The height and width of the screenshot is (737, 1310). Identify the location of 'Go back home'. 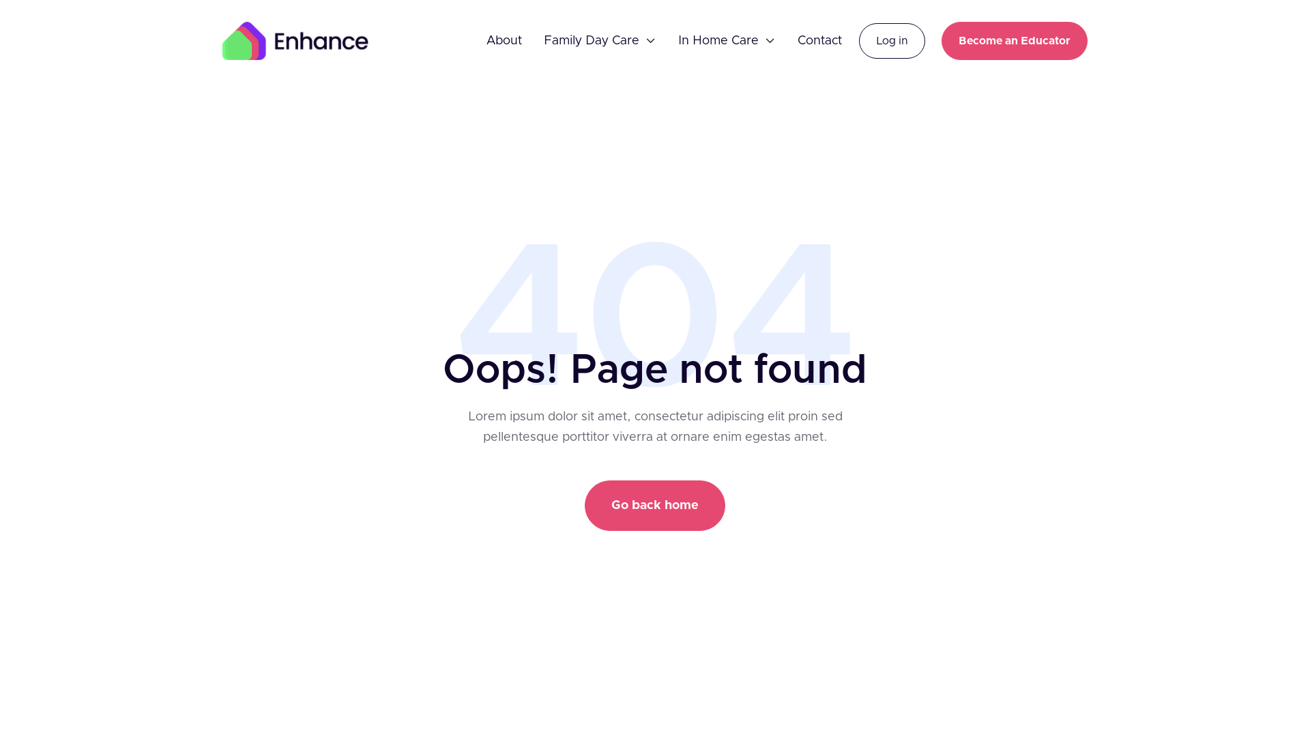
(585, 505).